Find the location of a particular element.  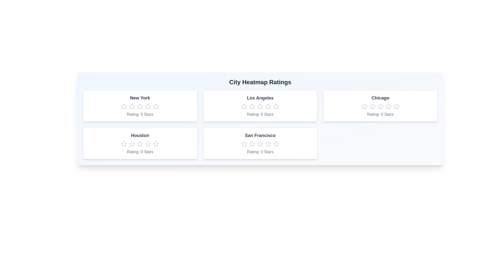

the New York rating star number 3 is located at coordinates (140, 106).